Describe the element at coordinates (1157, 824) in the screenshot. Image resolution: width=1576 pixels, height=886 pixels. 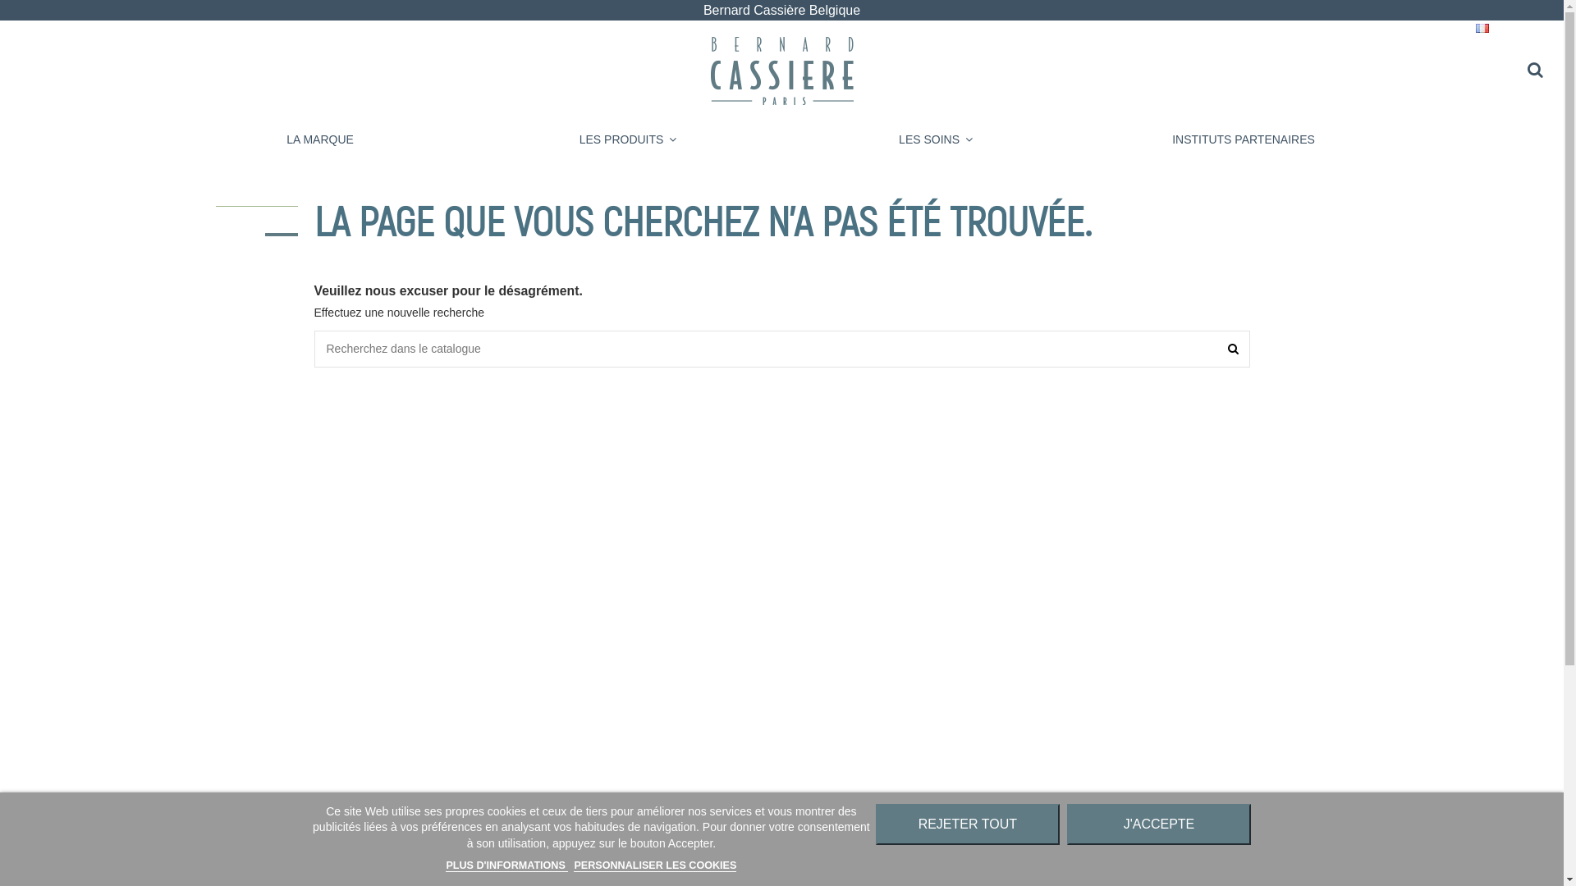
I see `'J'ACCEPTE'` at that location.